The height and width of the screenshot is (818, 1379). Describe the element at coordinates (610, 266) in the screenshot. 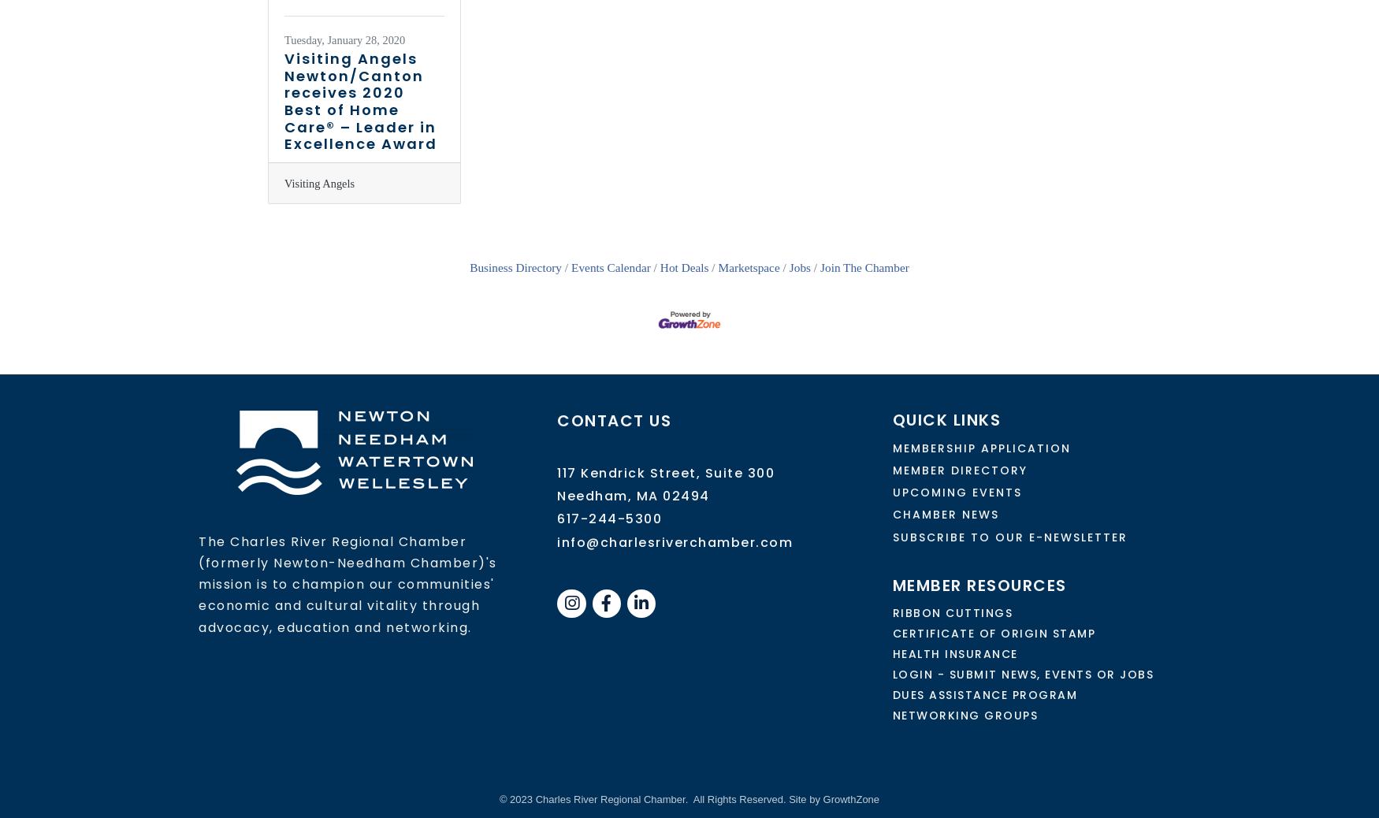

I see `'Events Calendar'` at that location.